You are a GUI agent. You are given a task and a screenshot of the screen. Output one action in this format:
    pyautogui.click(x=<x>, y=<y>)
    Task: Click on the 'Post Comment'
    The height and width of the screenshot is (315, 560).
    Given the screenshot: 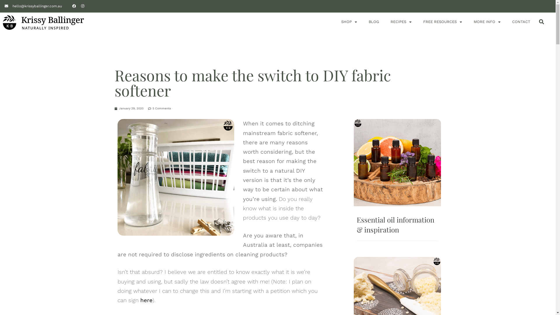 What is the action you would take?
    pyautogui.click(x=19, y=6)
    